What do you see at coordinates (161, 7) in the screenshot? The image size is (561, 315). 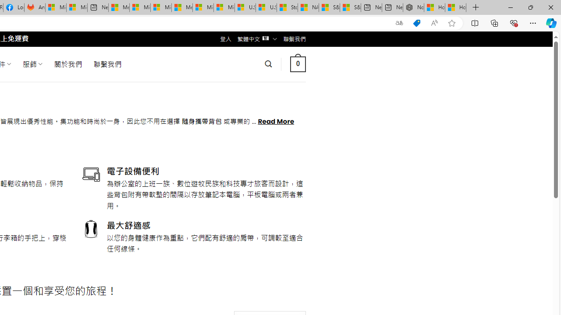 I see `'Microsoft account | Home'` at bounding box center [161, 7].